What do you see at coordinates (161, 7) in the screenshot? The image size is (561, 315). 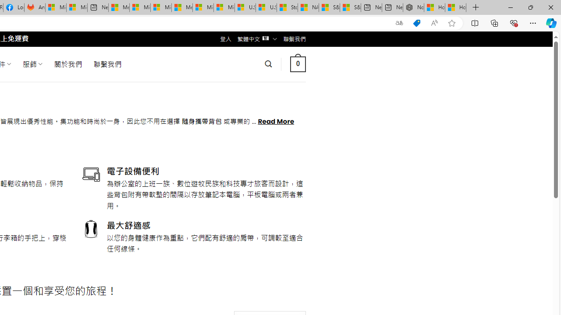 I see `'Microsoft account | Home'` at bounding box center [161, 7].